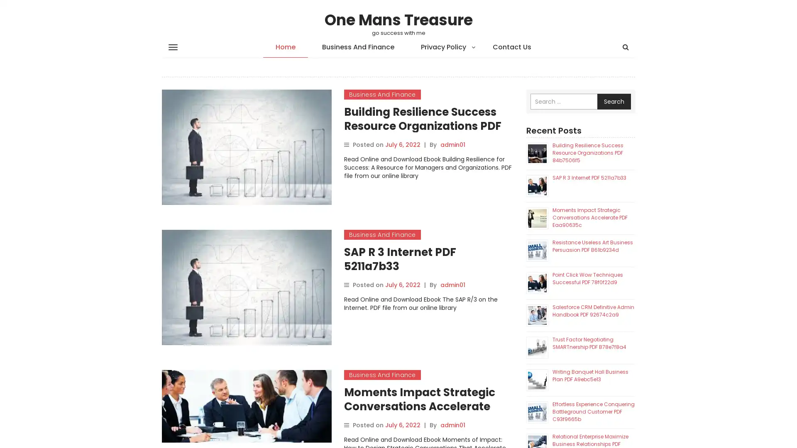 This screenshot has height=448, width=797. Describe the element at coordinates (614, 101) in the screenshot. I see `Search` at that location.